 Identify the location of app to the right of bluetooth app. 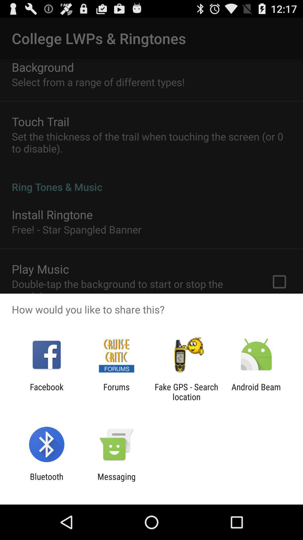
(116, 481).